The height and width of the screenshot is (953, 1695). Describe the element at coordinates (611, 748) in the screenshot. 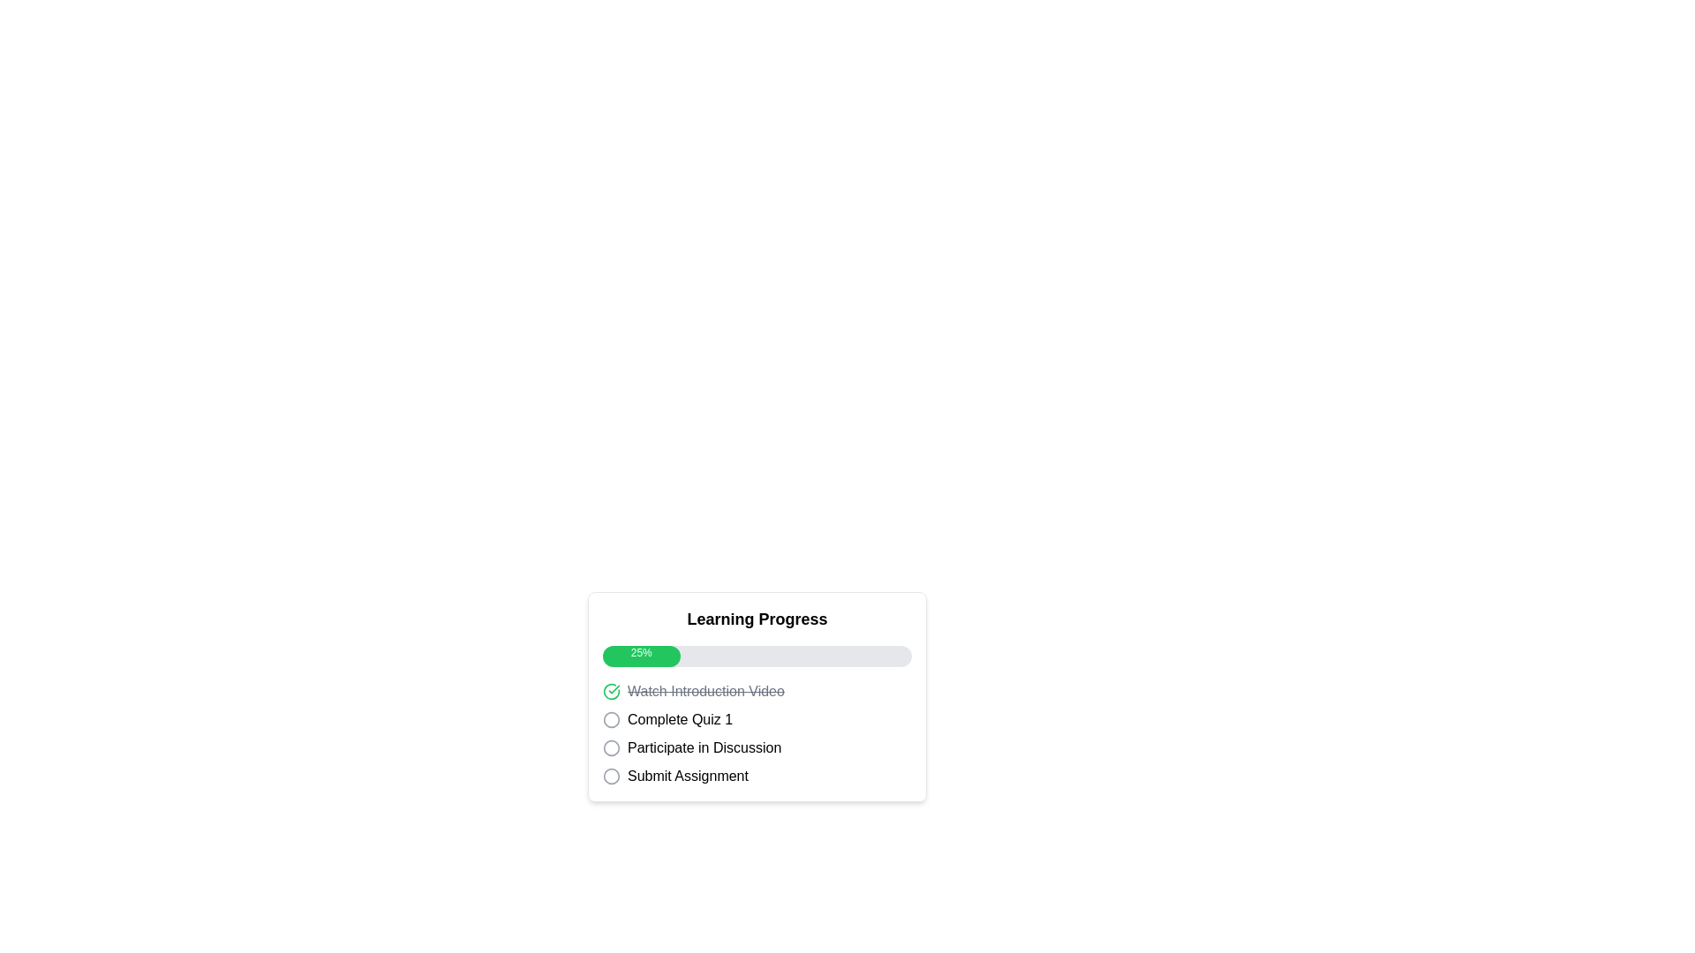

I see `the status icon indicating that the task is not yet complete, located to the left of the 'Participate in Discussion' text in the third task item` at that location.